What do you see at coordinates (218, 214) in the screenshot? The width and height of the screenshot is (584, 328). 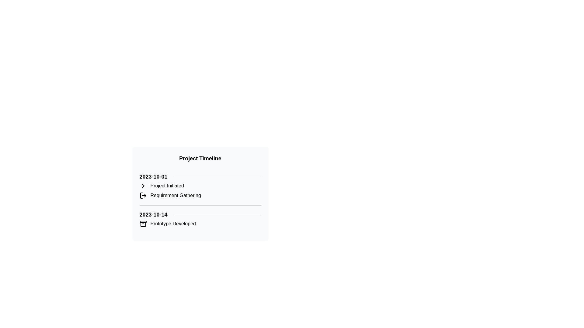 I see `the Divider Line that visually separates the date '2023-10-14' from the content below it, located in the bottom section of the timeline interface` at bounding box center [218, 214].